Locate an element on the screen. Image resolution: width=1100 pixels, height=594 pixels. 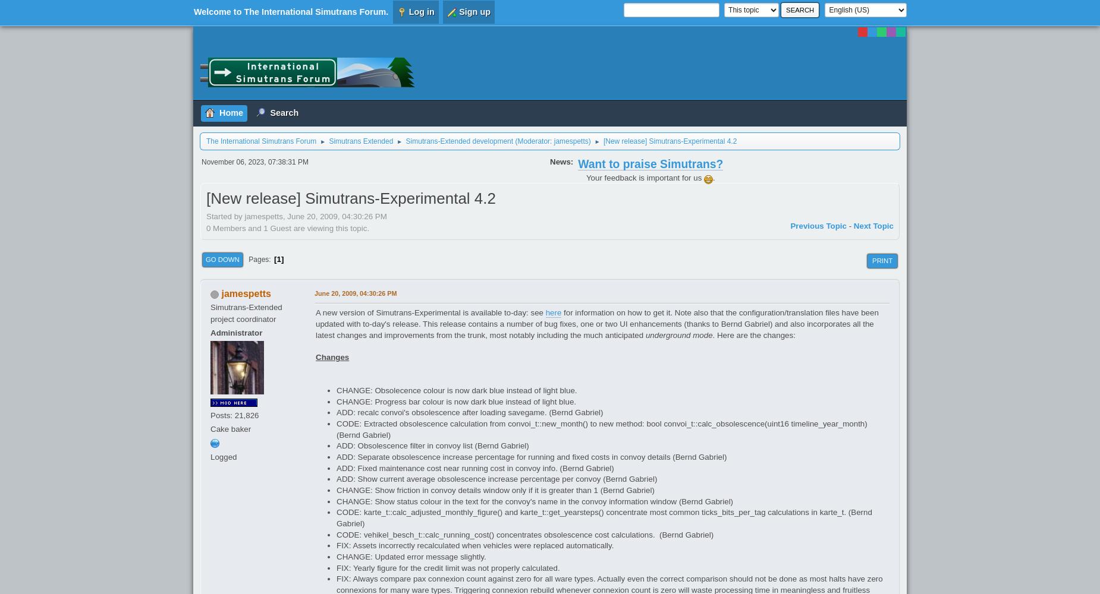
'News:' is located at coordinates (561, 161).